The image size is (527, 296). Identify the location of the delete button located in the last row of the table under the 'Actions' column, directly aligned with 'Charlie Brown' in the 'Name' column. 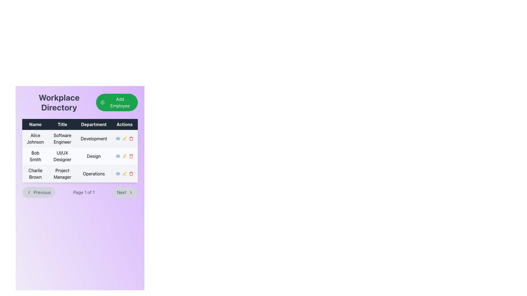
(131, 173).